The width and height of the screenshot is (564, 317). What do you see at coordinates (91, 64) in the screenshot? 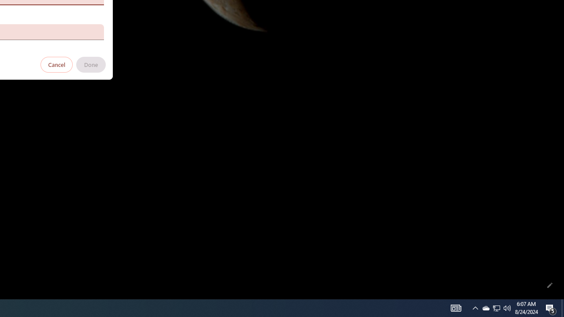
I see `'Done'` at bounding box center [91, 64].